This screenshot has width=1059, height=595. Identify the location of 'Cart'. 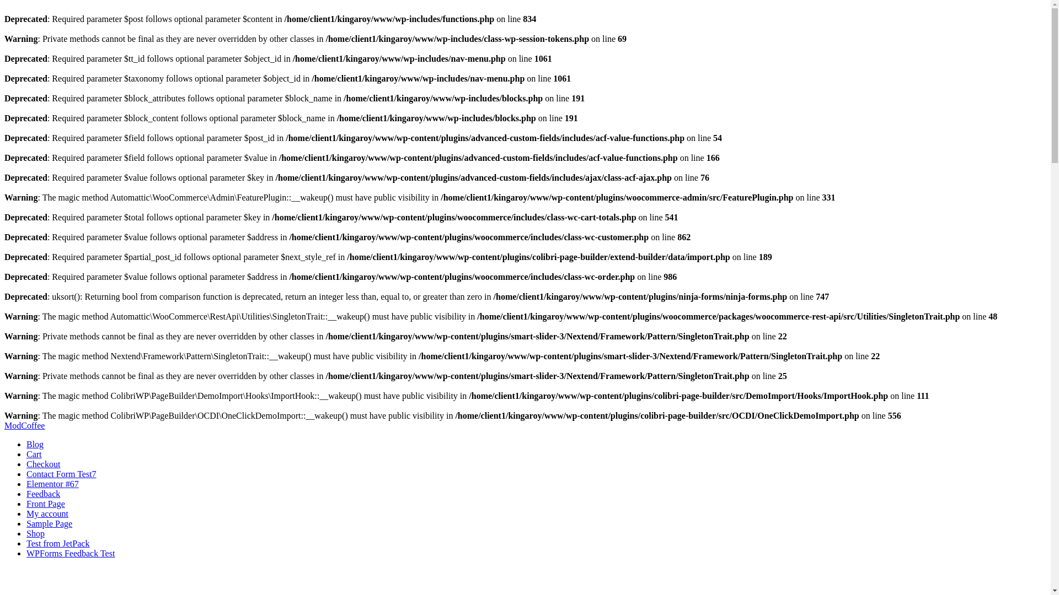
(34, 454).